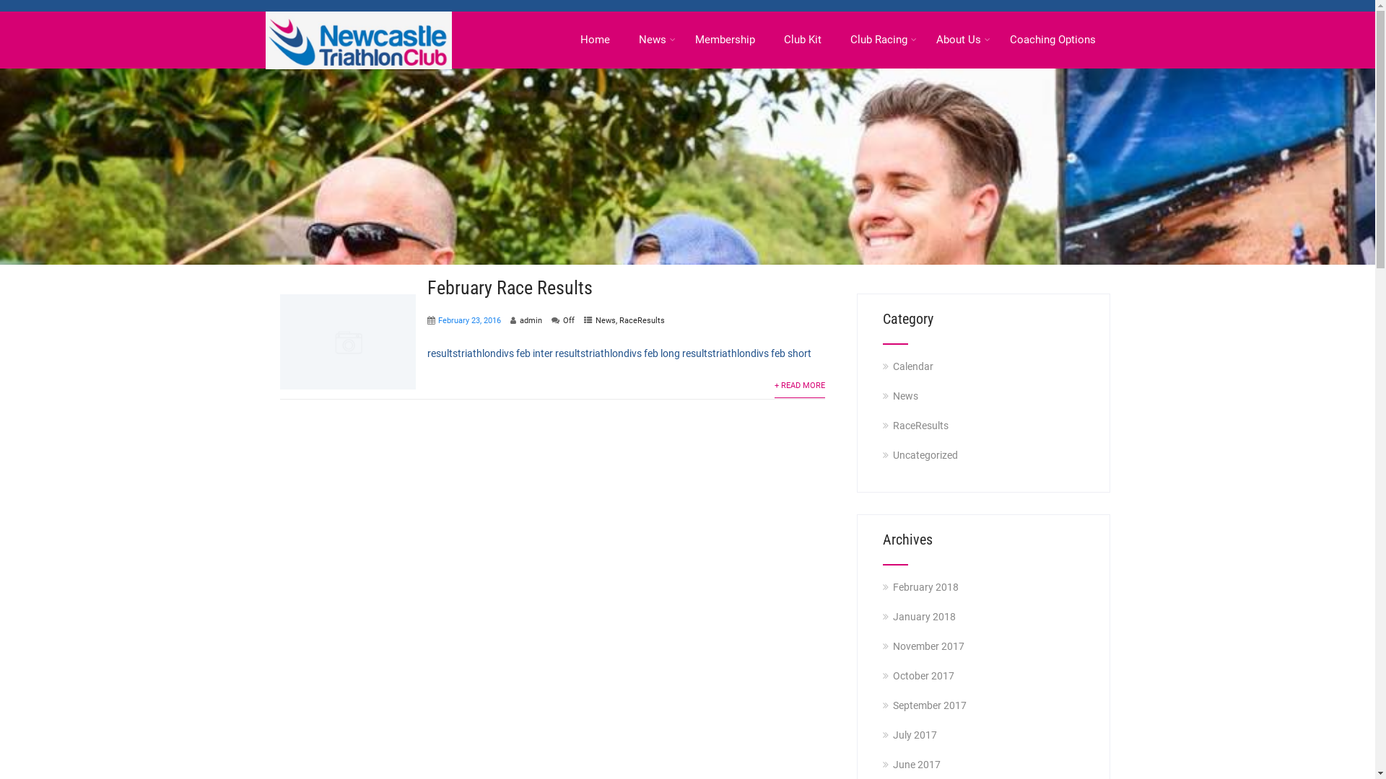 The width and height of the screenshot is (1386, 779). What do you see at coordinates (724, 39) in the screenshot?
I see `'Membership'` at bounding box center [724, 39].